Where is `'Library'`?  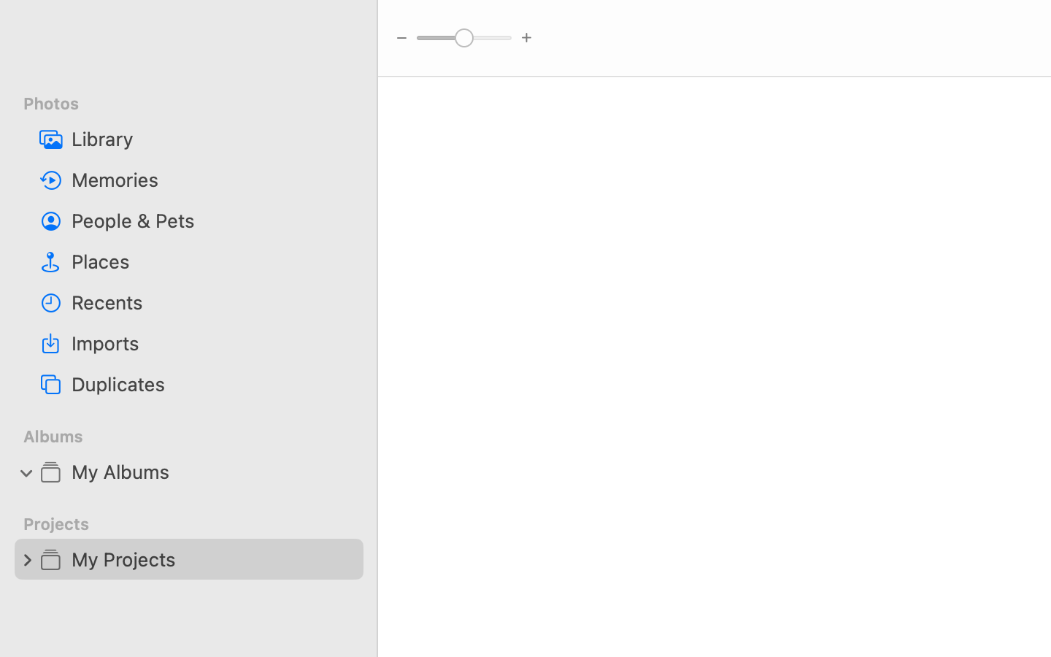 'Library' is located at coordinates (211, 138).